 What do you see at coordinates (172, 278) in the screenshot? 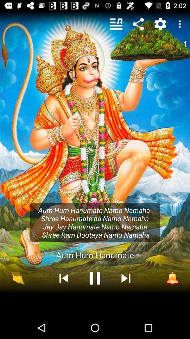
I see `the notifications icon` at bounding box center [172, 278].